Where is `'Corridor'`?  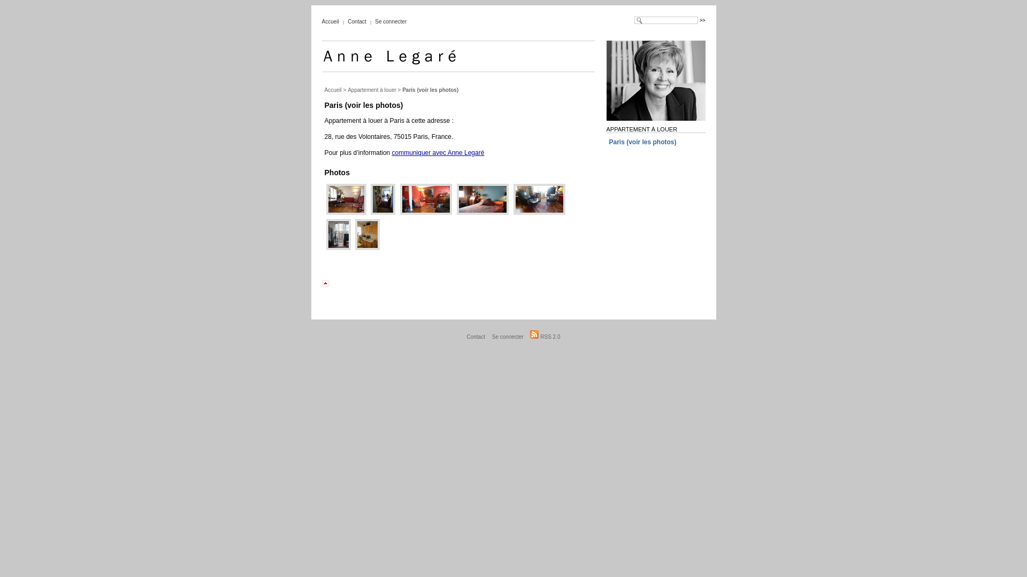 'Corridor' is located at coordinates (369, 213).